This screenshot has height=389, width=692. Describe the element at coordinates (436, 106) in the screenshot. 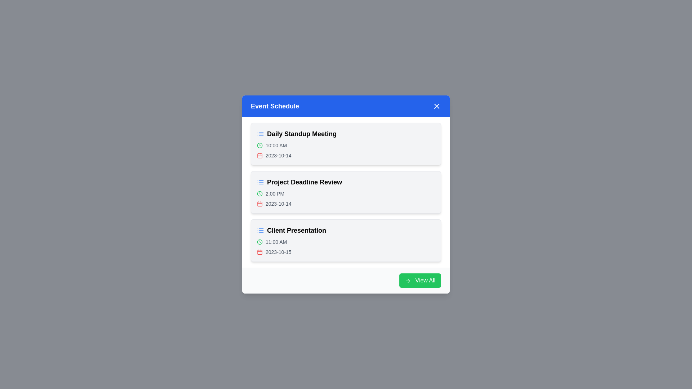

I see `the Close button represented by an 'X' icon in the top-right corner of the blue header section of the 'Event Schedule' card` at that location.